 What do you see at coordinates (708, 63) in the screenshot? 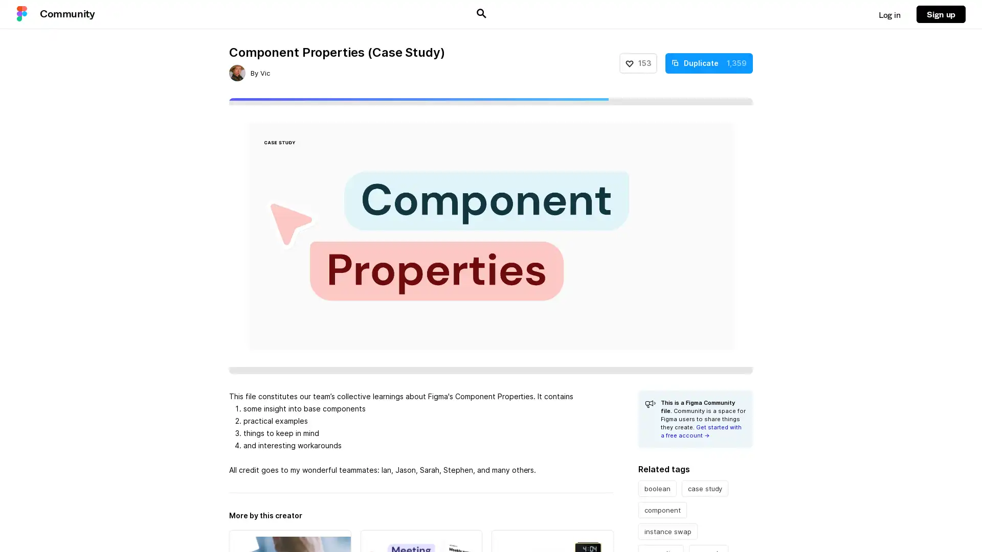
I see `Duplicate 1,359` at bounding box center [708, 63].